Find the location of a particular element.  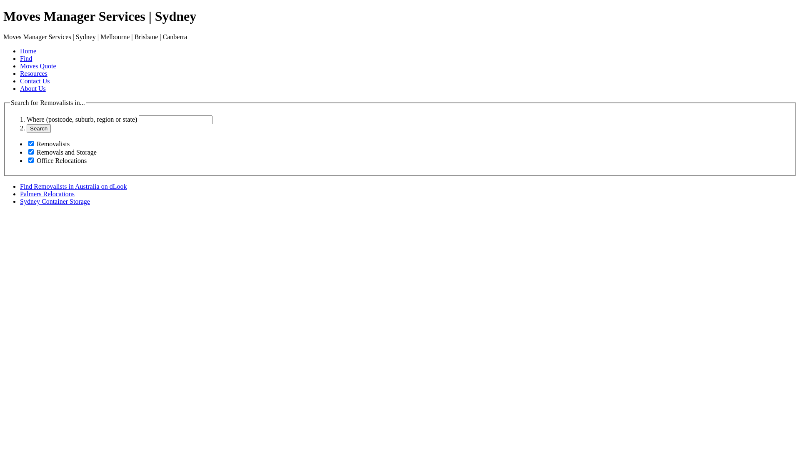

'Moves Quote' is located at coordinates (37, 65).